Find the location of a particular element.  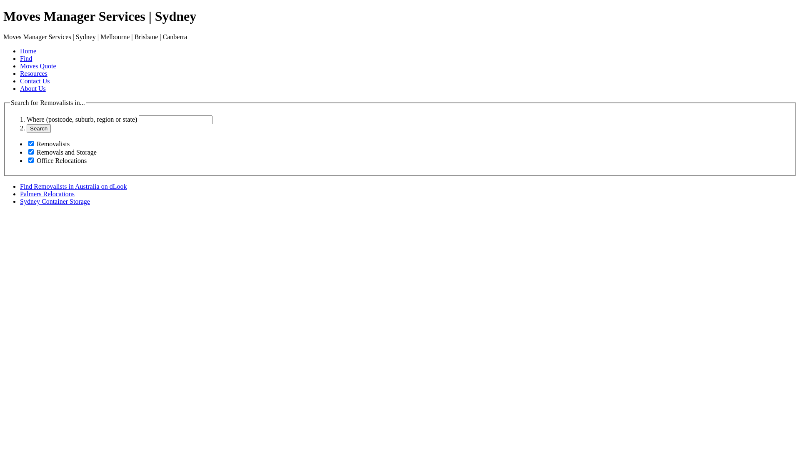

'Moves Quote' is located at coordinates (37, 65).